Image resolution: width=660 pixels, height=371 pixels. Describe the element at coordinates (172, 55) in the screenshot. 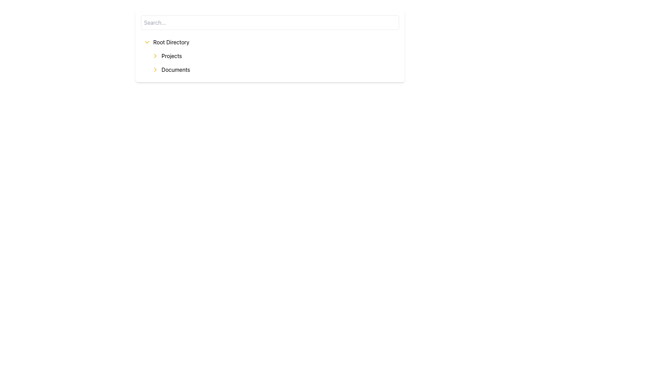

I see `the 'Projects' text label located under the 'Root Directory' in the vertical navigation menu` at that location.